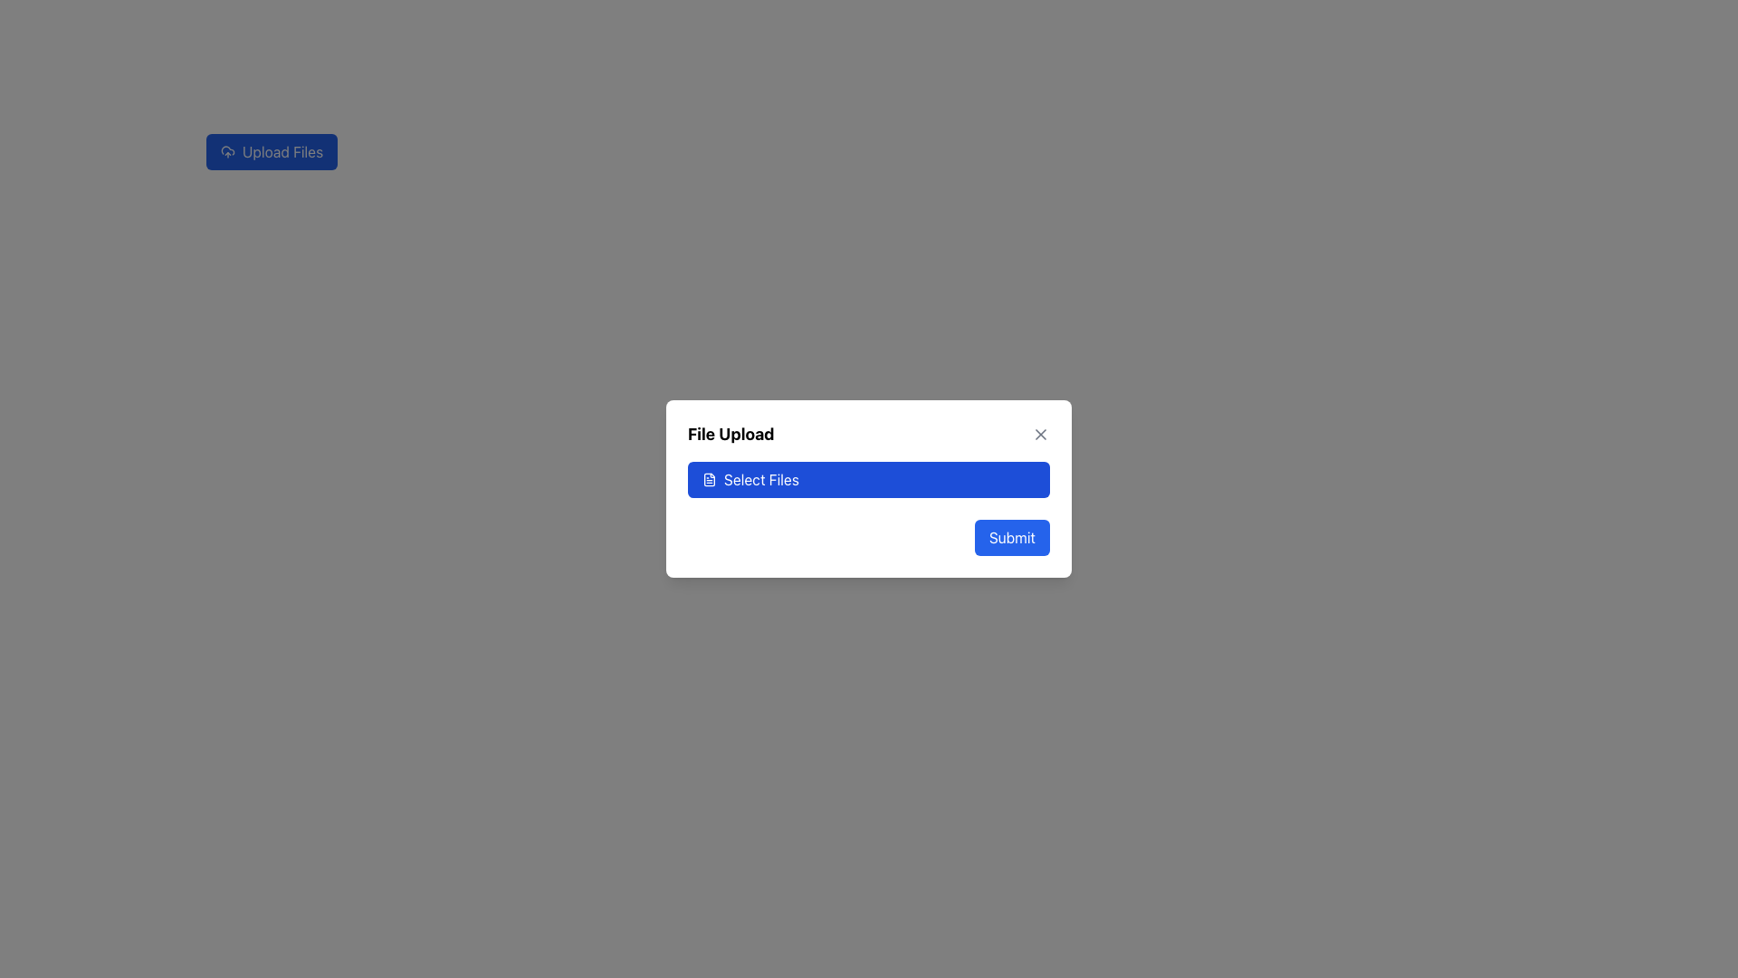 The height and width of the screenshot is (978, 1738). What do you see at coordinates (227, 151) in the screenshot?
I see `the upload icon located within the 'Upload Files' button at the top-left of the interface` at bounding box center [227, 151].